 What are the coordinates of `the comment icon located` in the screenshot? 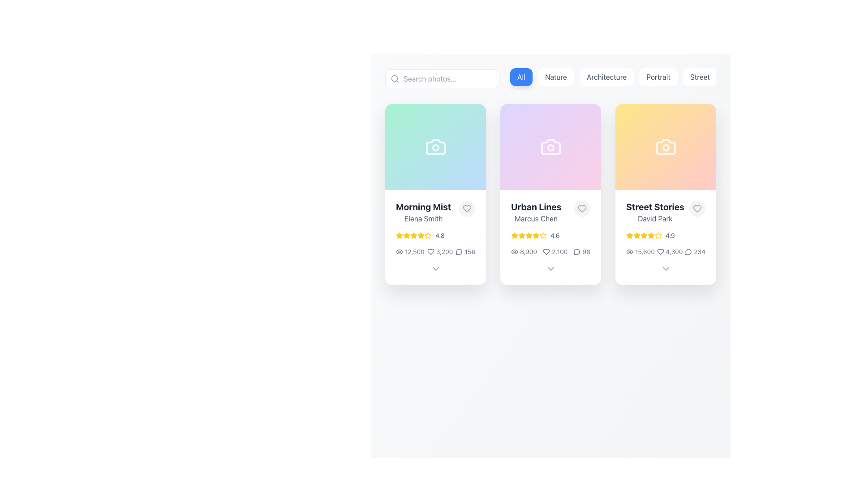 It's located at (688, 252).